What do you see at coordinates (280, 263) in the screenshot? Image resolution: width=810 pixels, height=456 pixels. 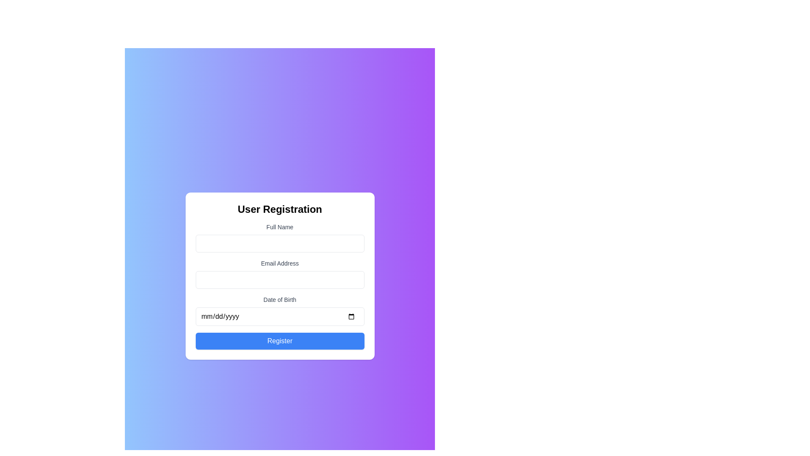 I see `the label that guides users to enter their email address, which is centrally located above the email input field in the user registration form` at bounding box center [280, 263].